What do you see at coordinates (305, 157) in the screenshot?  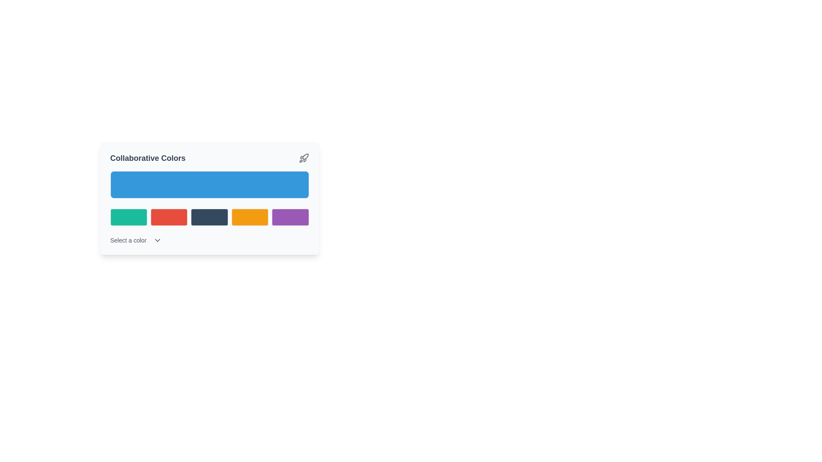 I see `the vector graphic representing the body of the rocket icon in the upper-right corner of the 'Collaborative Colors' card` at bounding box center [305, 157].